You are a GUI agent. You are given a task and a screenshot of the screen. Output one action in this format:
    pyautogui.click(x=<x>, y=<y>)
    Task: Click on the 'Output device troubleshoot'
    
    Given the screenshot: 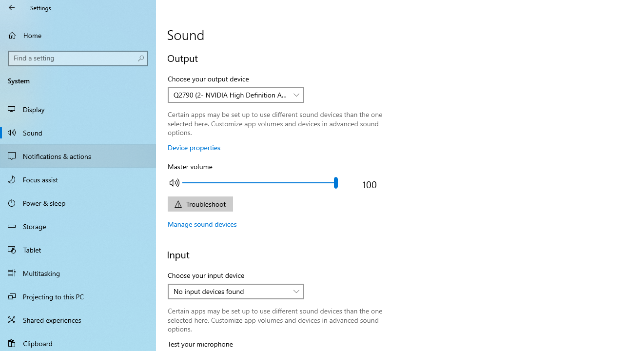 What is the action you would take?
    pyautogui.click(x=199, y=203)
    